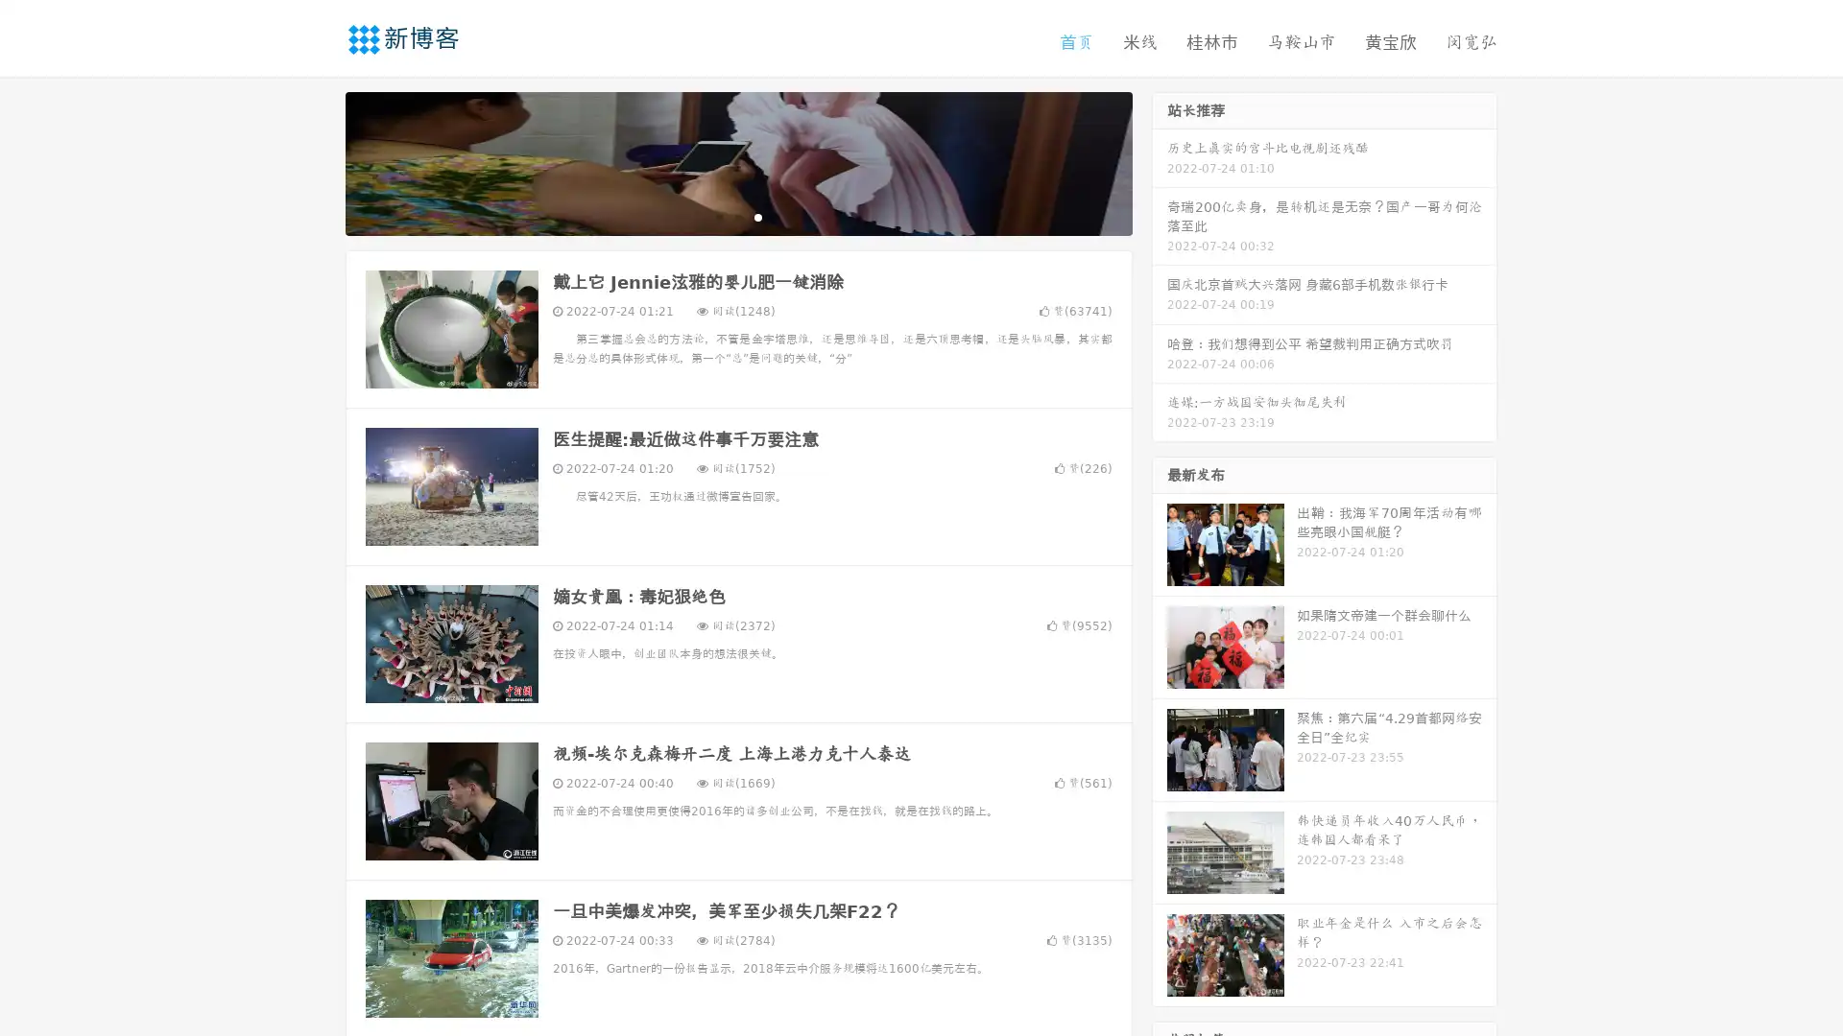  Describe the element at coordinates (1160, 161) in the screenshot. I see `Next slide` at that location.